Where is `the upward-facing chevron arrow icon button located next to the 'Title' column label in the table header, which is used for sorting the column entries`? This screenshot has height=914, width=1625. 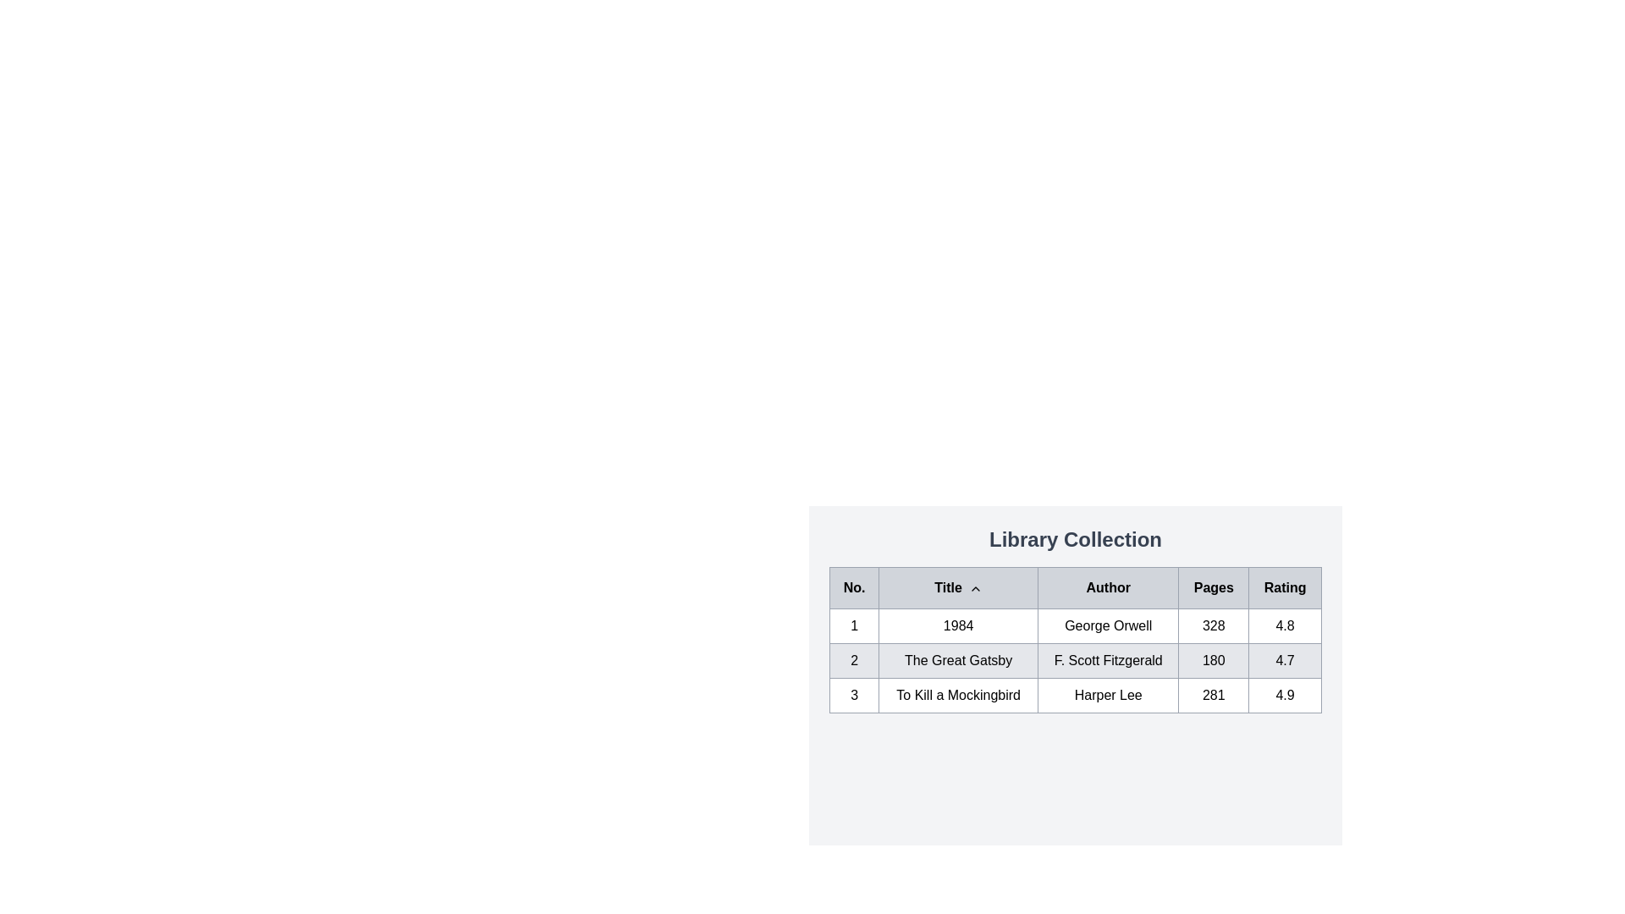
the upward-facing chevron arrow icon button located next to the 'Title' column label in the table header, which is used for sorting the column entries is located at coordinates (975, 587).